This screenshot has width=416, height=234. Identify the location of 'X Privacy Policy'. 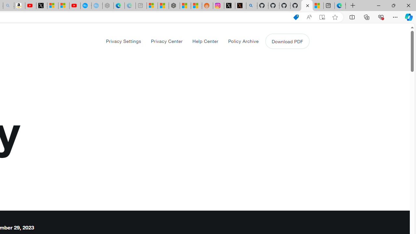
(306, 6).